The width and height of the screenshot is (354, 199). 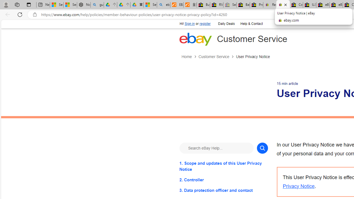 I want to click on 'Daily Deals', so click(x=227, y=24).